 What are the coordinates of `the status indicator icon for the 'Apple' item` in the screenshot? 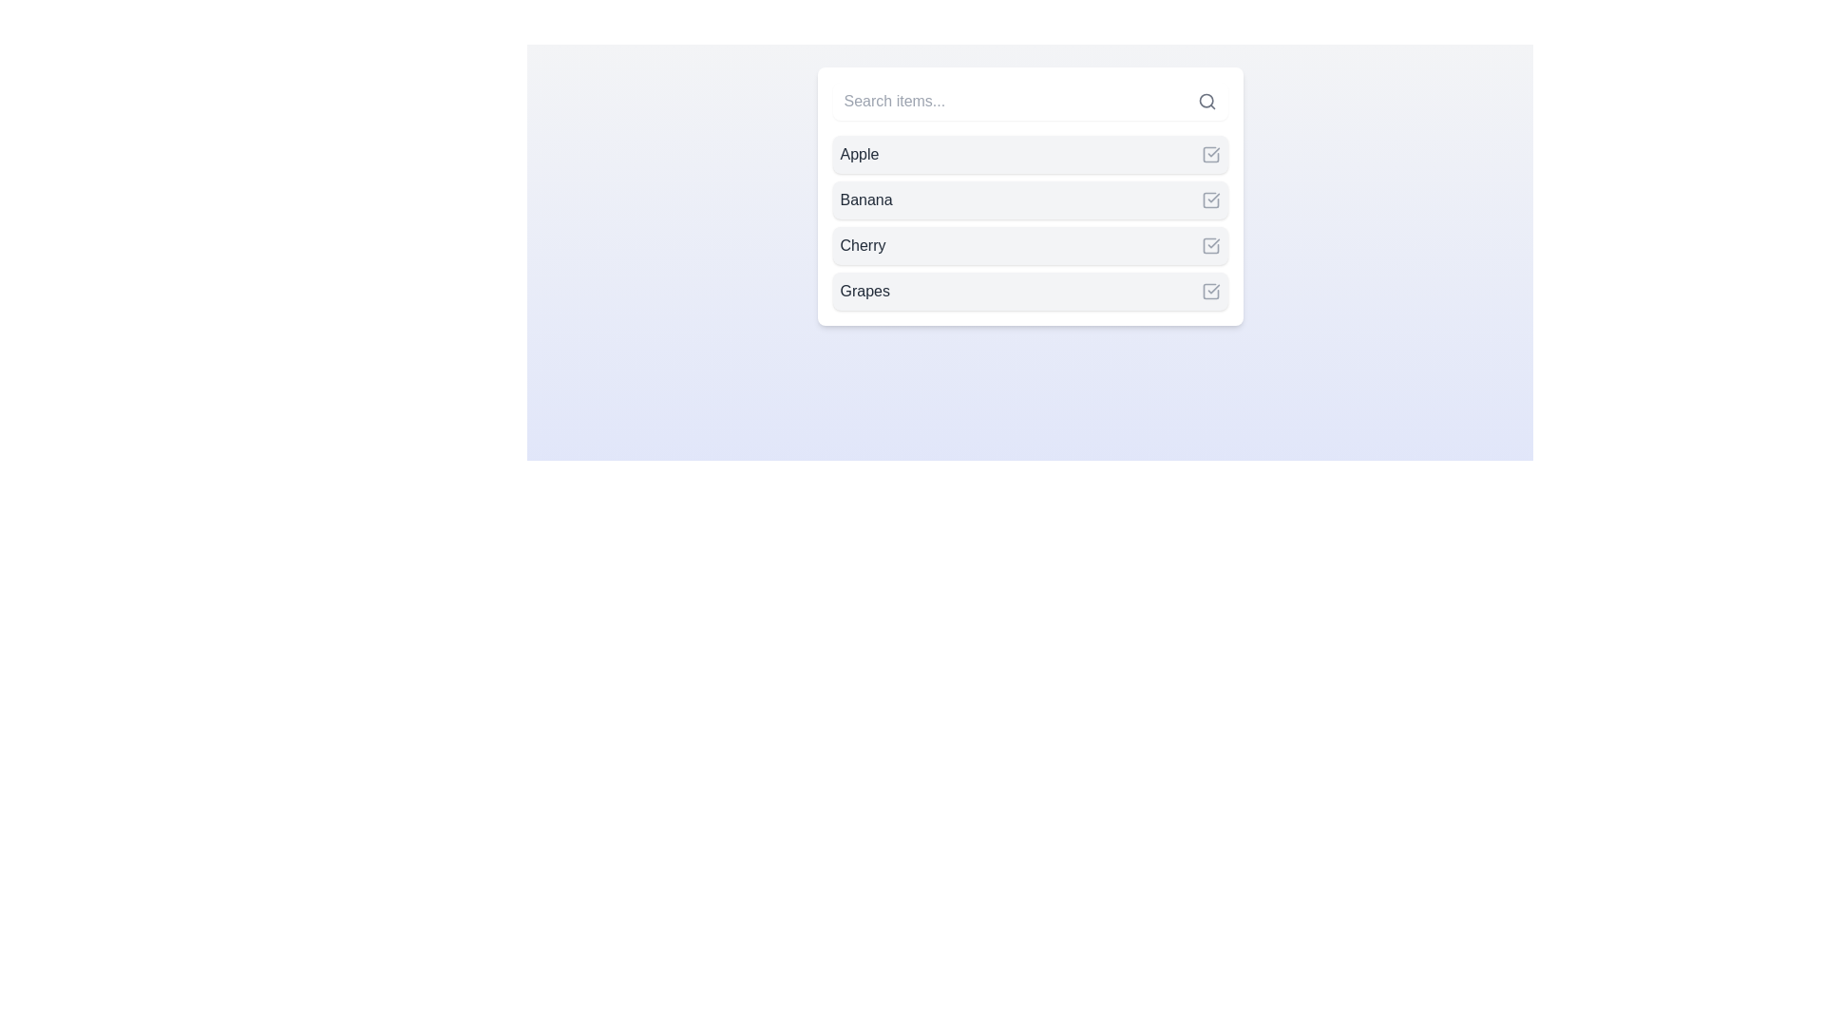 It's located at (1209, 153).